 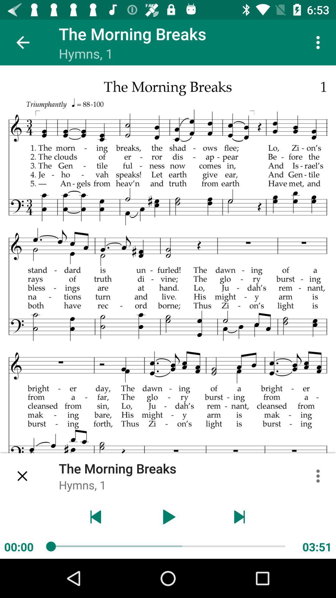 I want to click on button, so click(x=168, y=517).